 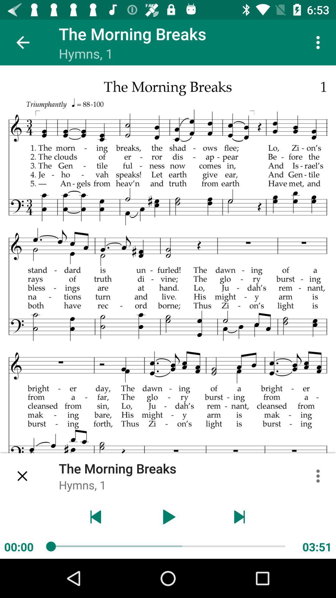 I want to click on button, so click(x=168, y=517).